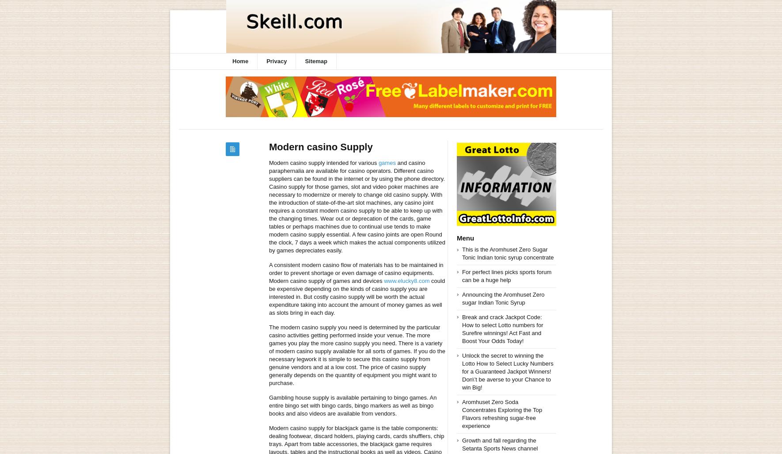 The image size is (782, 454). I want to click on 'Announcing the Aromhuset Zero sugar Indian Tonic Syrup', so click(503, 298).